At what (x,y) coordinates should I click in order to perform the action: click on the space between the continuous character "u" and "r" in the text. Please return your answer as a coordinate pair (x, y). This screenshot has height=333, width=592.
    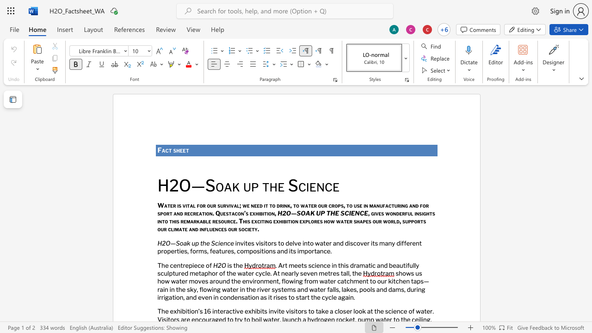
    Looking at the image, I should click on (234, 229).